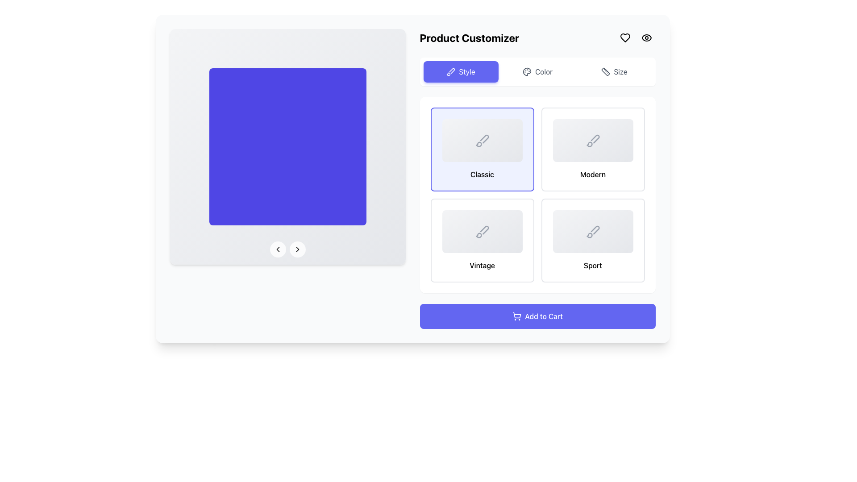 This screenshot has height=482, width=857. What do you see at coordinates (484, 139) in the screenshot?
I see `the 'Classic' style icon located within the 'Style' section of the product customizer interface` at bounding box center [484, 139].